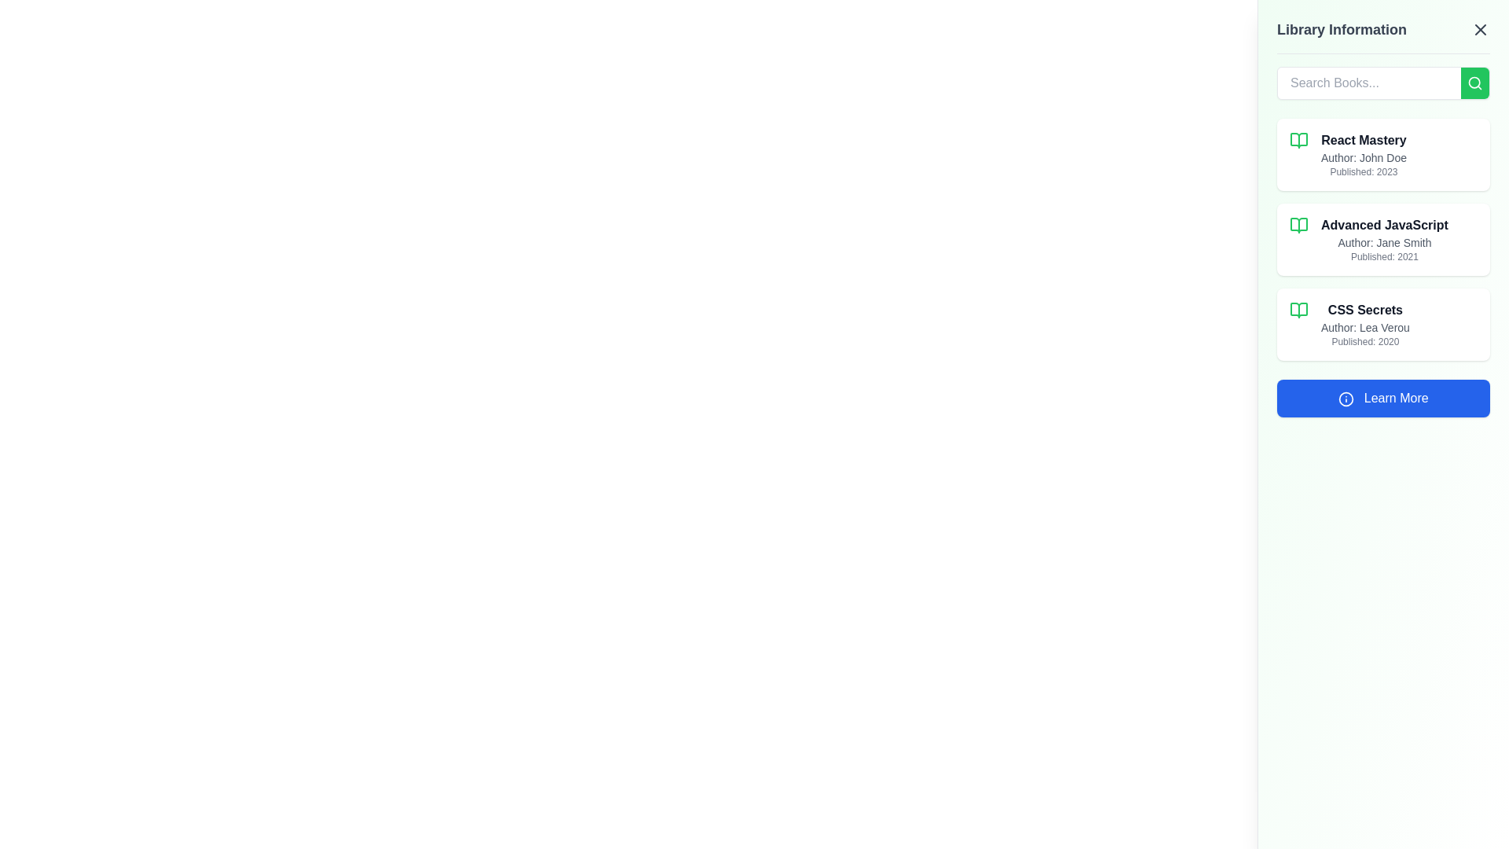  I want to click on the icon located on the left side of the 'Learn More' button, which serves as an indicator for additional details, so click(1346, 398).